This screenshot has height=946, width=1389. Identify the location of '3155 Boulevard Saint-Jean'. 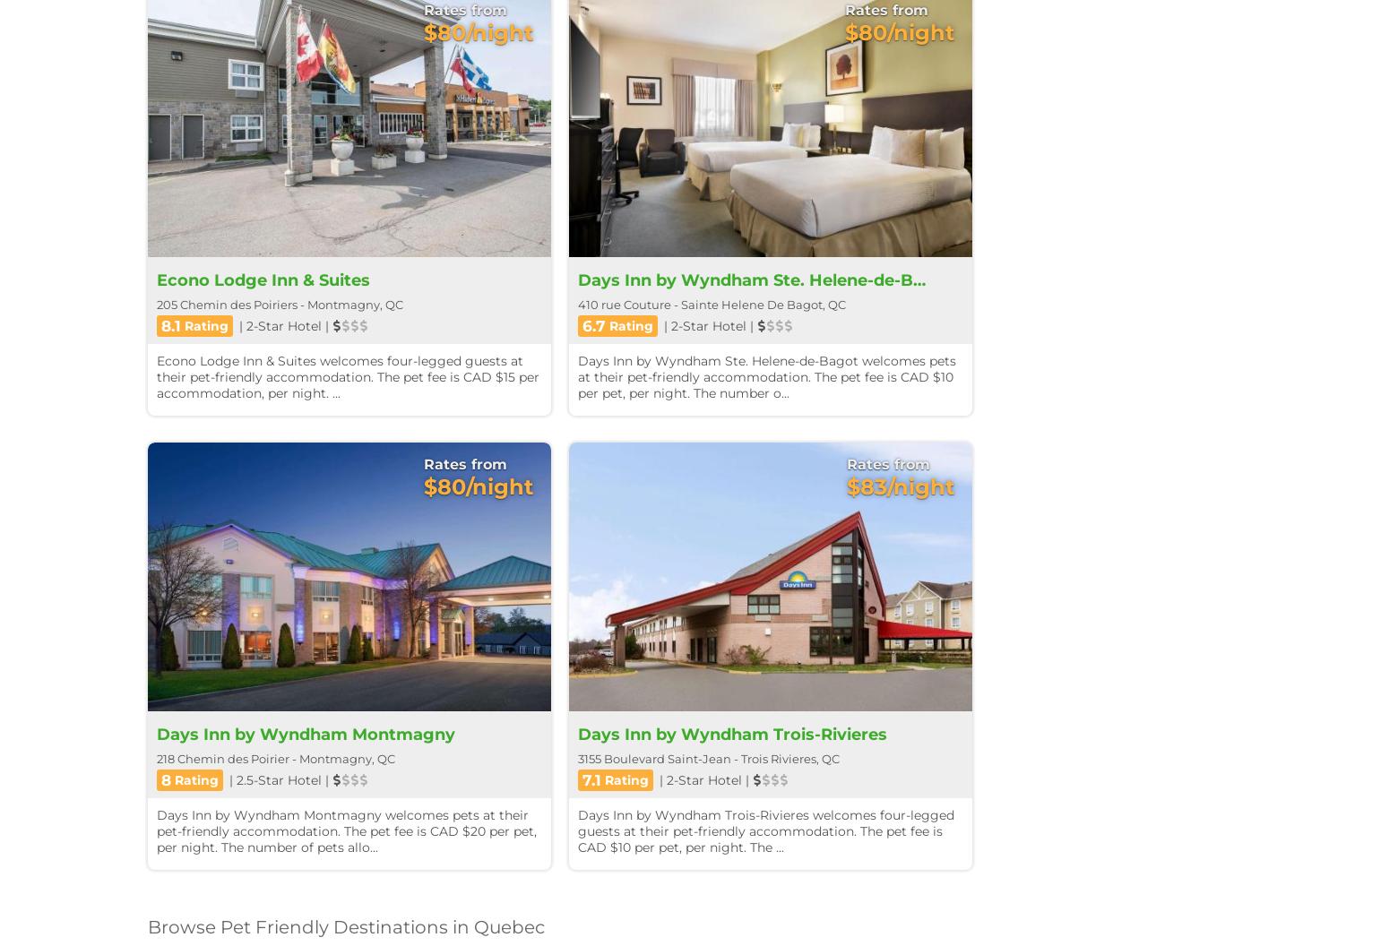
(654, 757).